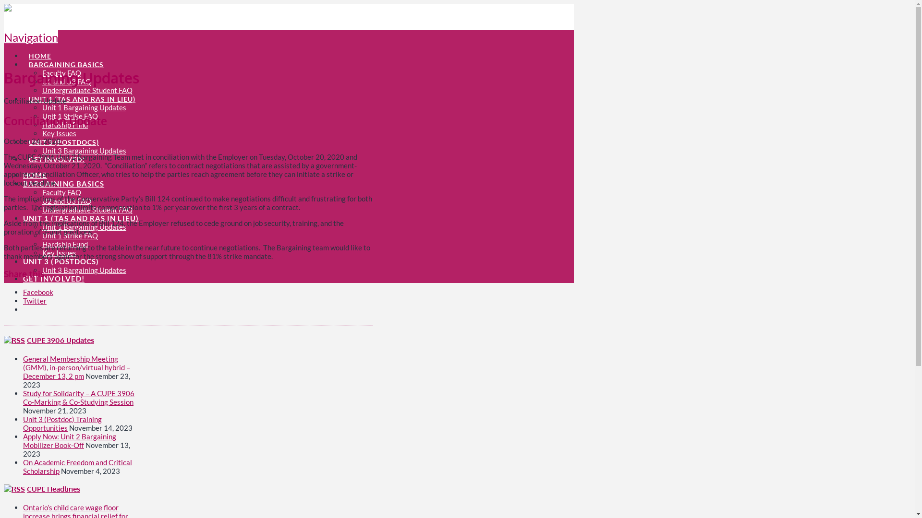 This screenshot has width=922, height=518. What do you see at coordinates (27, 489) in the screenshot?
I see `'CUPE Headlines'` at bounding box center [27, 489].